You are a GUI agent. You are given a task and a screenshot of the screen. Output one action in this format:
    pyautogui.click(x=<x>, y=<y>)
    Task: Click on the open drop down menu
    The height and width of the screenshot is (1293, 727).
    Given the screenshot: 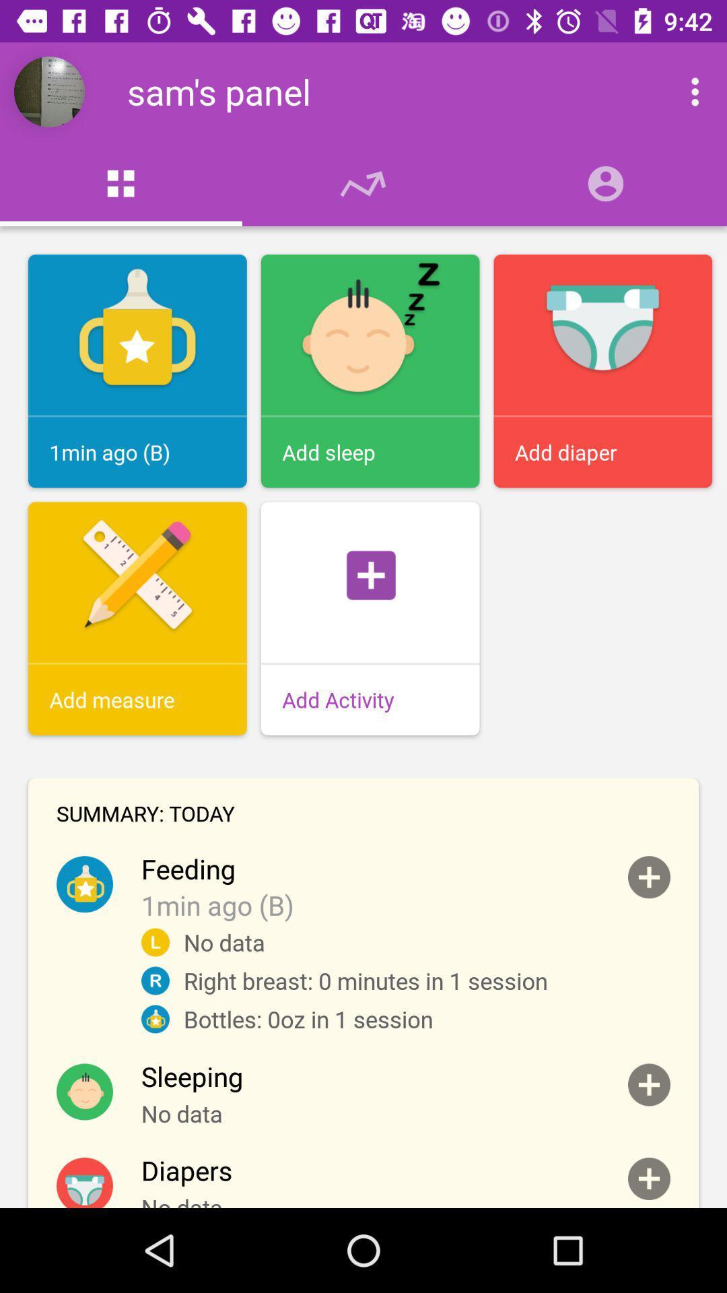 What is the action you would take?
    pyautogui.click(x=681, y=91)
    